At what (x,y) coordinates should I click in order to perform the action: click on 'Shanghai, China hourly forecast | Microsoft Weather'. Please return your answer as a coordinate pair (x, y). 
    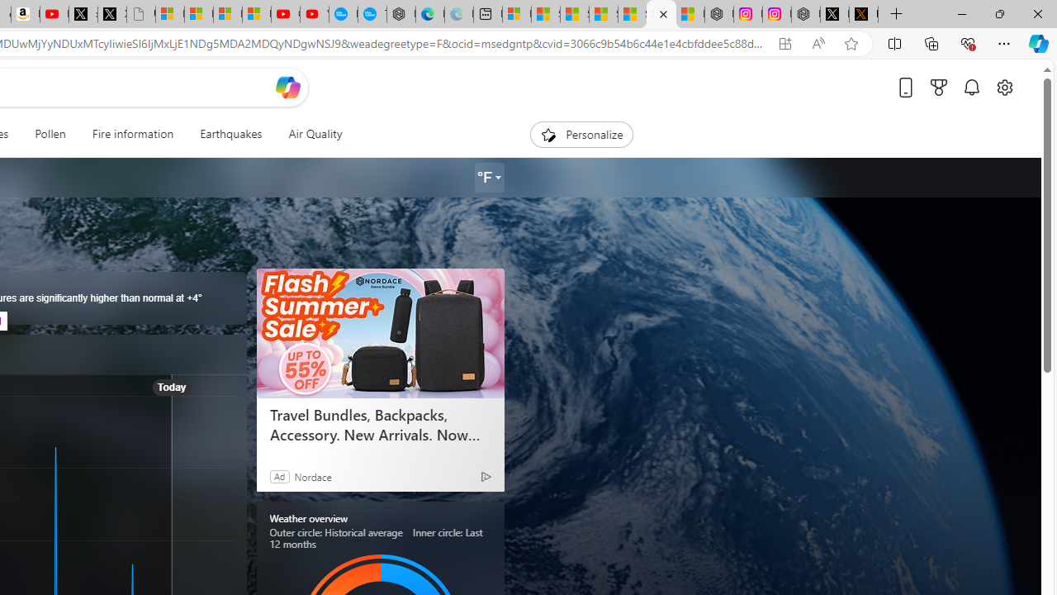
    Looking at the image, I should click on (574, 14).